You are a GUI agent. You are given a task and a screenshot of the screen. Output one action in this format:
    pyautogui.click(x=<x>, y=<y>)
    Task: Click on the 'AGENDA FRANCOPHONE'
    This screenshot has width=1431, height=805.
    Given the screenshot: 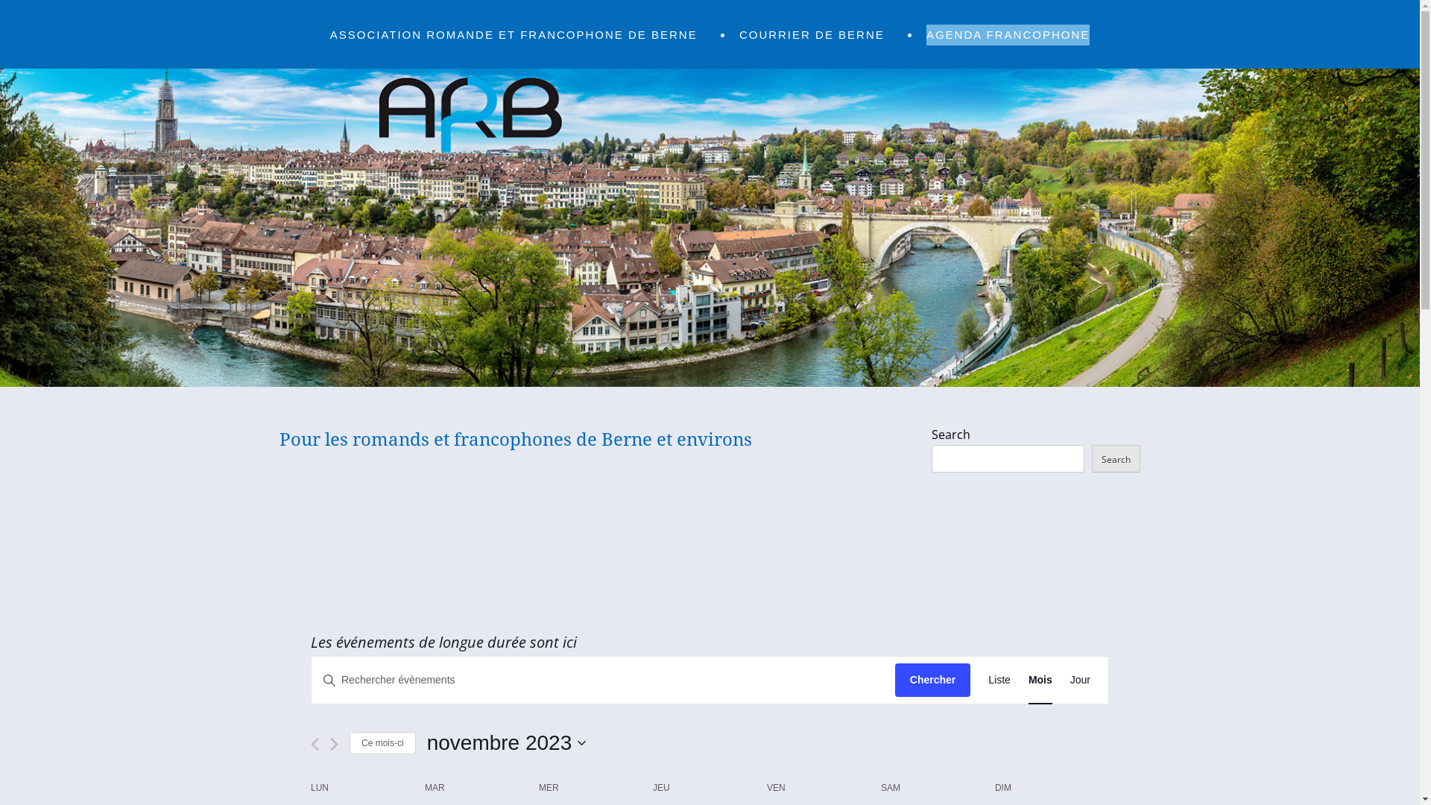 What is the action you would take?
    pyautogui.click(x=926, y=34)
    